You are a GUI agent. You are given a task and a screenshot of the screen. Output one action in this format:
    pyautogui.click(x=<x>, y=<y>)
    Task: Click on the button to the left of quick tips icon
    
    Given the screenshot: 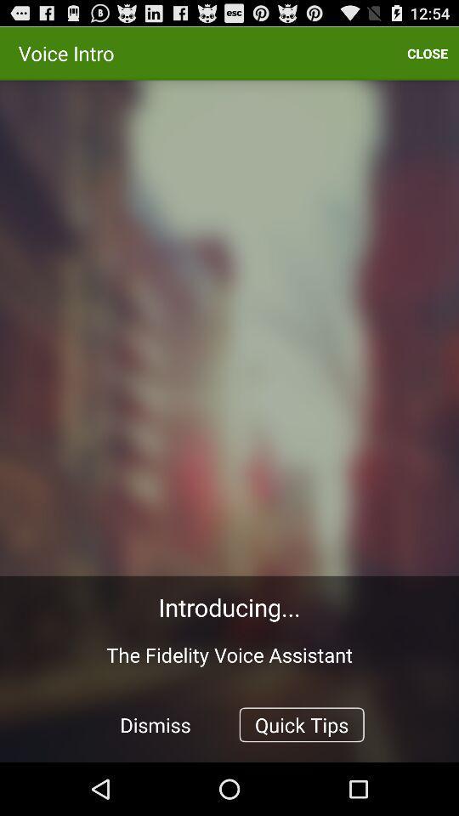 What is the action you would take?
    pyautogui.click(x=156, y=723)
    